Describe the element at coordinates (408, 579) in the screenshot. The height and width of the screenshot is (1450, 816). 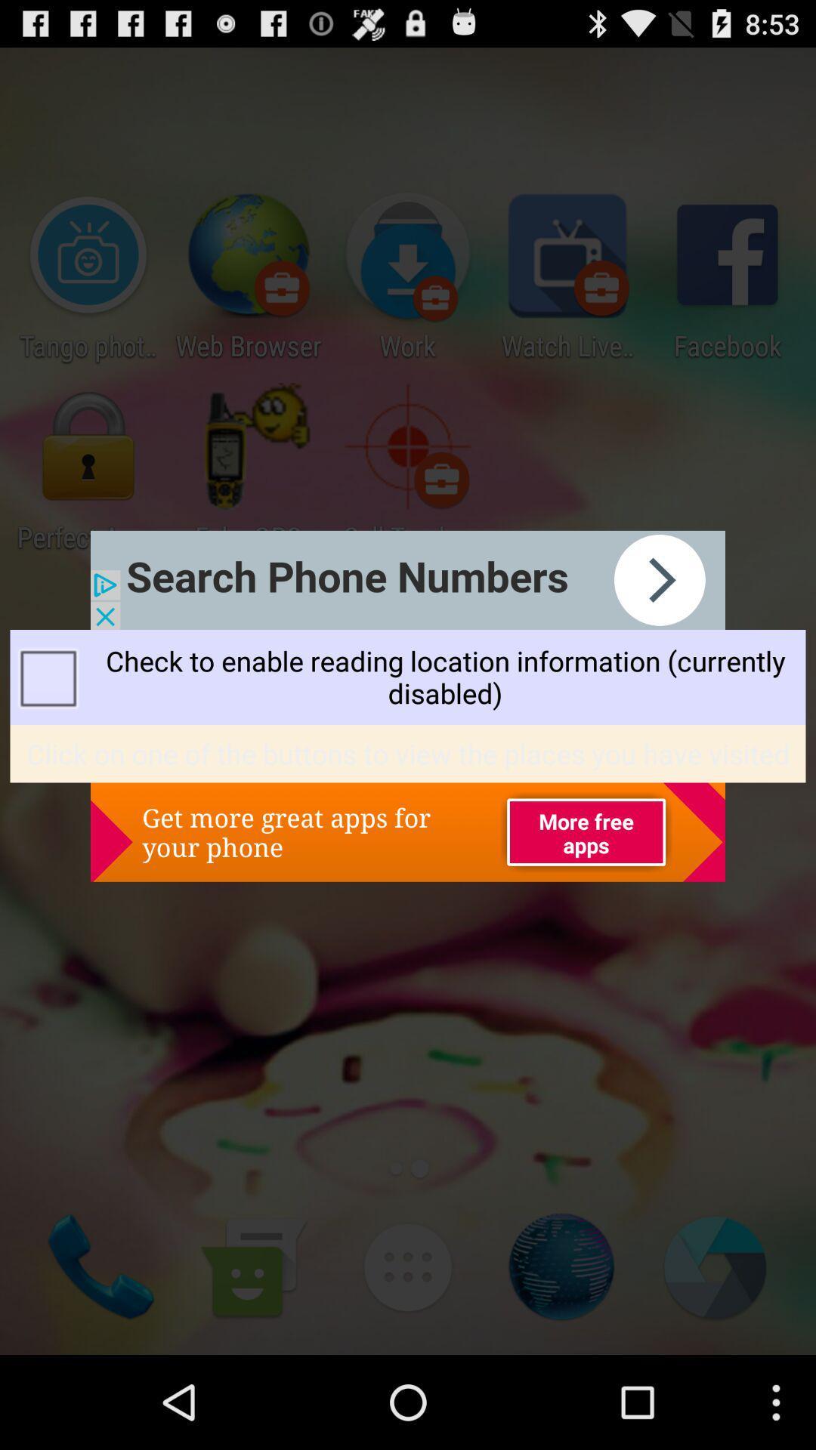
I see `search numbers` at that location.